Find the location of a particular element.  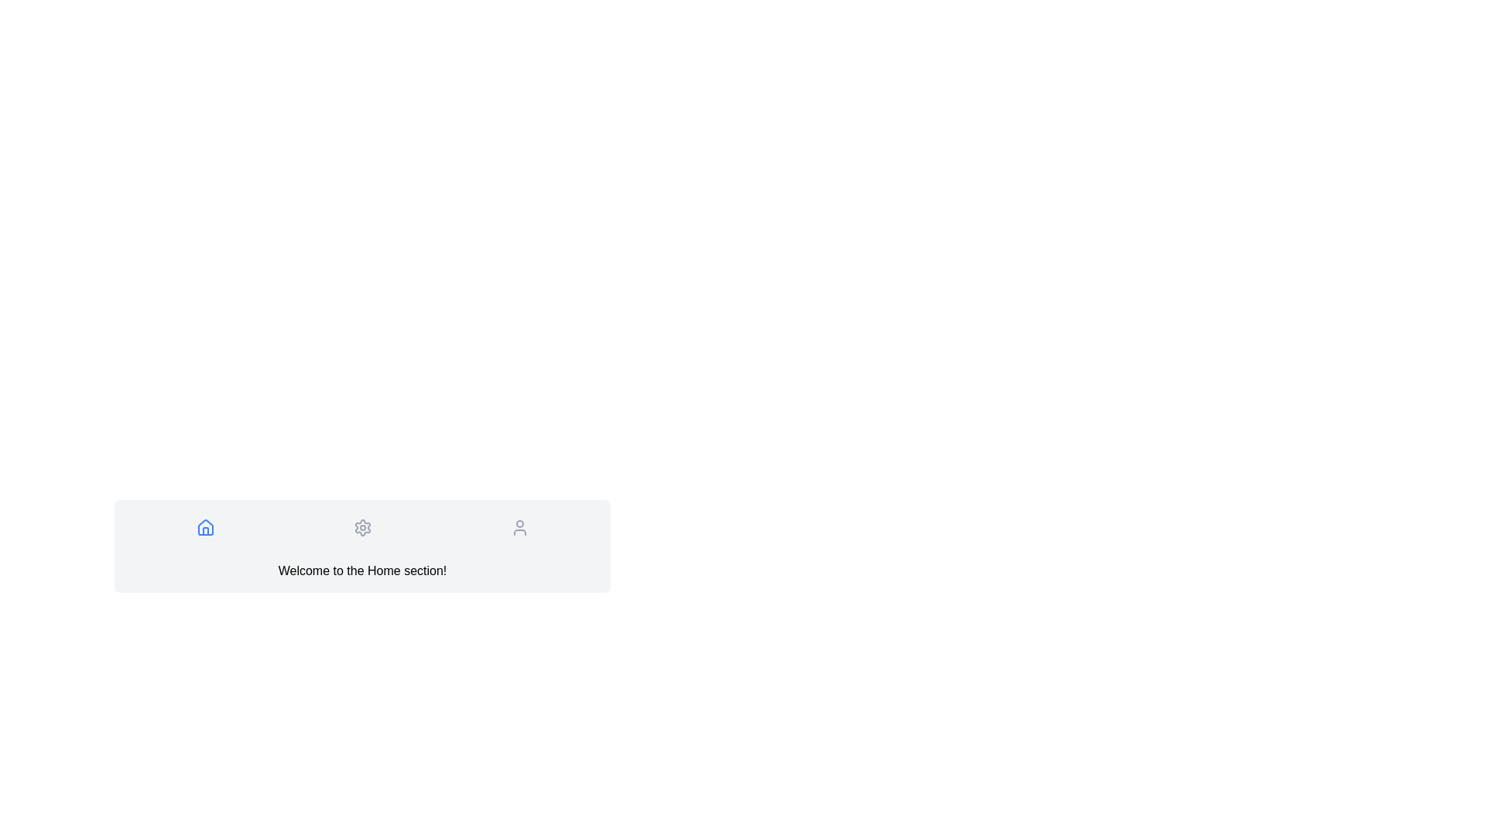

the settings icon, represented by a gray cogwheel graphic, located in the center of the horizontal navigation bar is located at coordinates (361, 527).